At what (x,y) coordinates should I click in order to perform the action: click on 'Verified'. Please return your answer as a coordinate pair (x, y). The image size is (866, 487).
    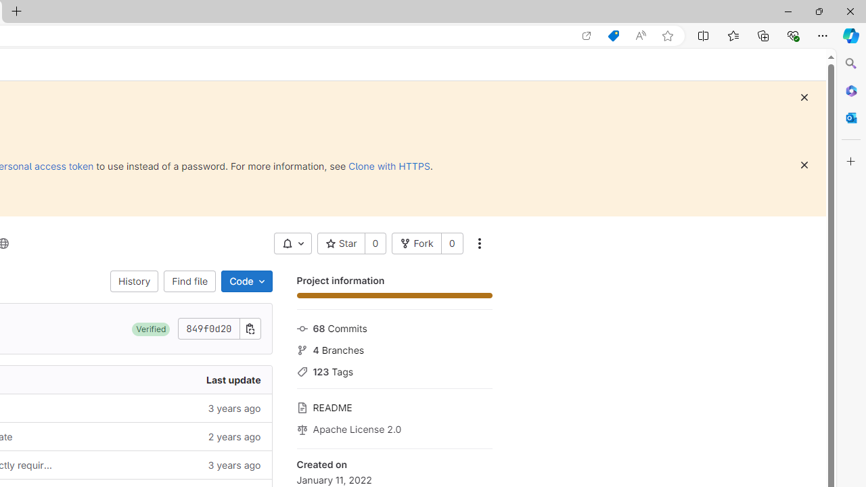
    Looking at the image, I should click on (151, 329).